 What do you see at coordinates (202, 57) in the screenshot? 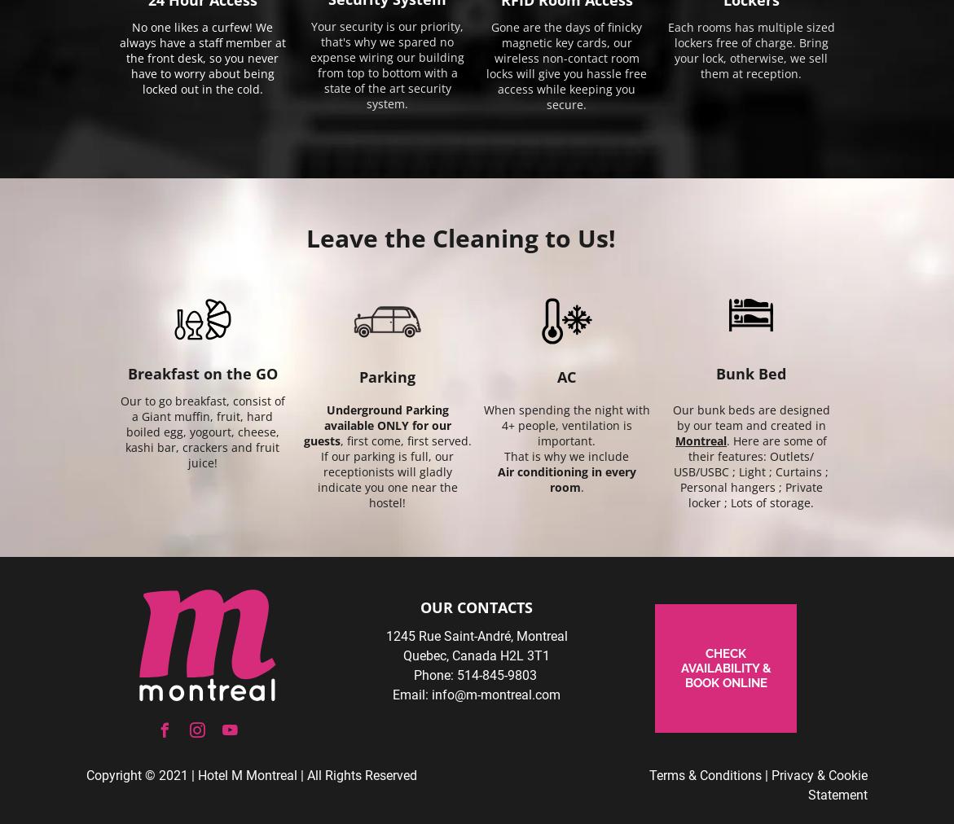
I see `'No one likes a curfew! We always have a staff member at the front desk, so you never have to worry about being locked out in the cold.'` at bounding box center [202, 57].